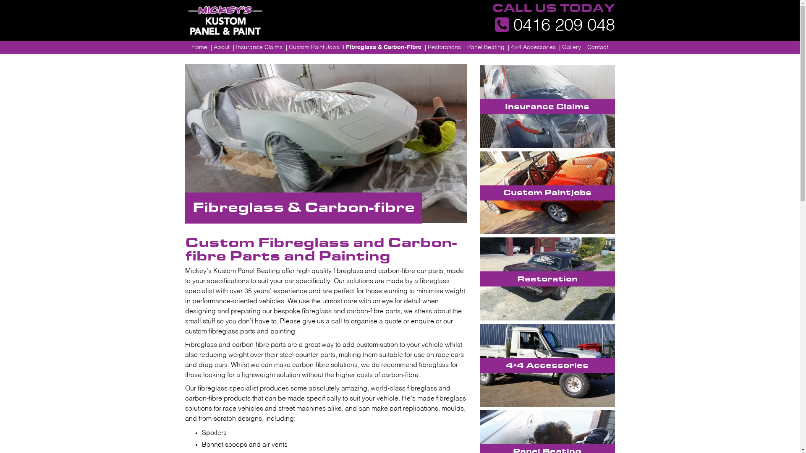 The height and width of the screenshot is (453, 806). I want to click on 'Home', so click(199, 48).